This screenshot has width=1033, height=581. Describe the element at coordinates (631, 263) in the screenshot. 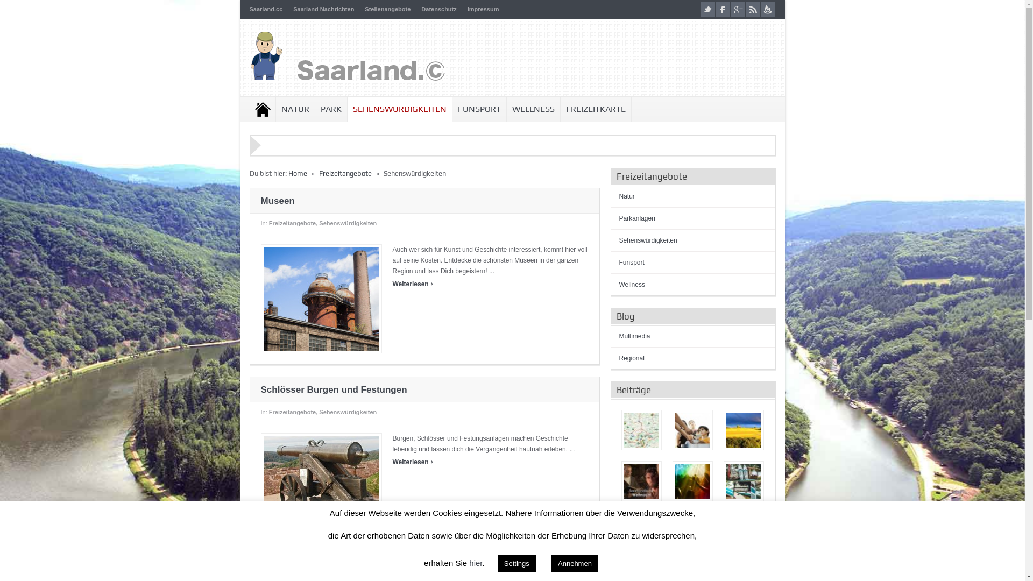

I see `'Funsport'` at that location.